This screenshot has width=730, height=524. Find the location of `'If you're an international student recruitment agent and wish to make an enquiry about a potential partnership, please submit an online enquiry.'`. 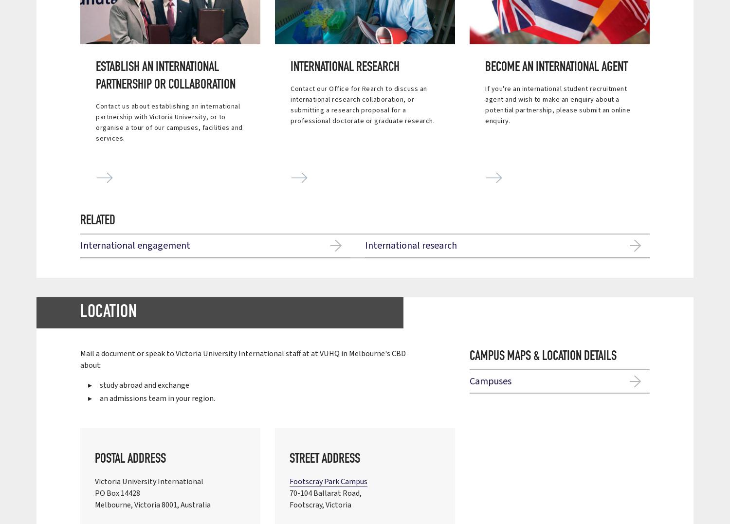

'If you're an international student recruitment agent and wish to make an enquiry about a potential partnership, please submit an online enquiry.' is located at coordinates (485, 105).